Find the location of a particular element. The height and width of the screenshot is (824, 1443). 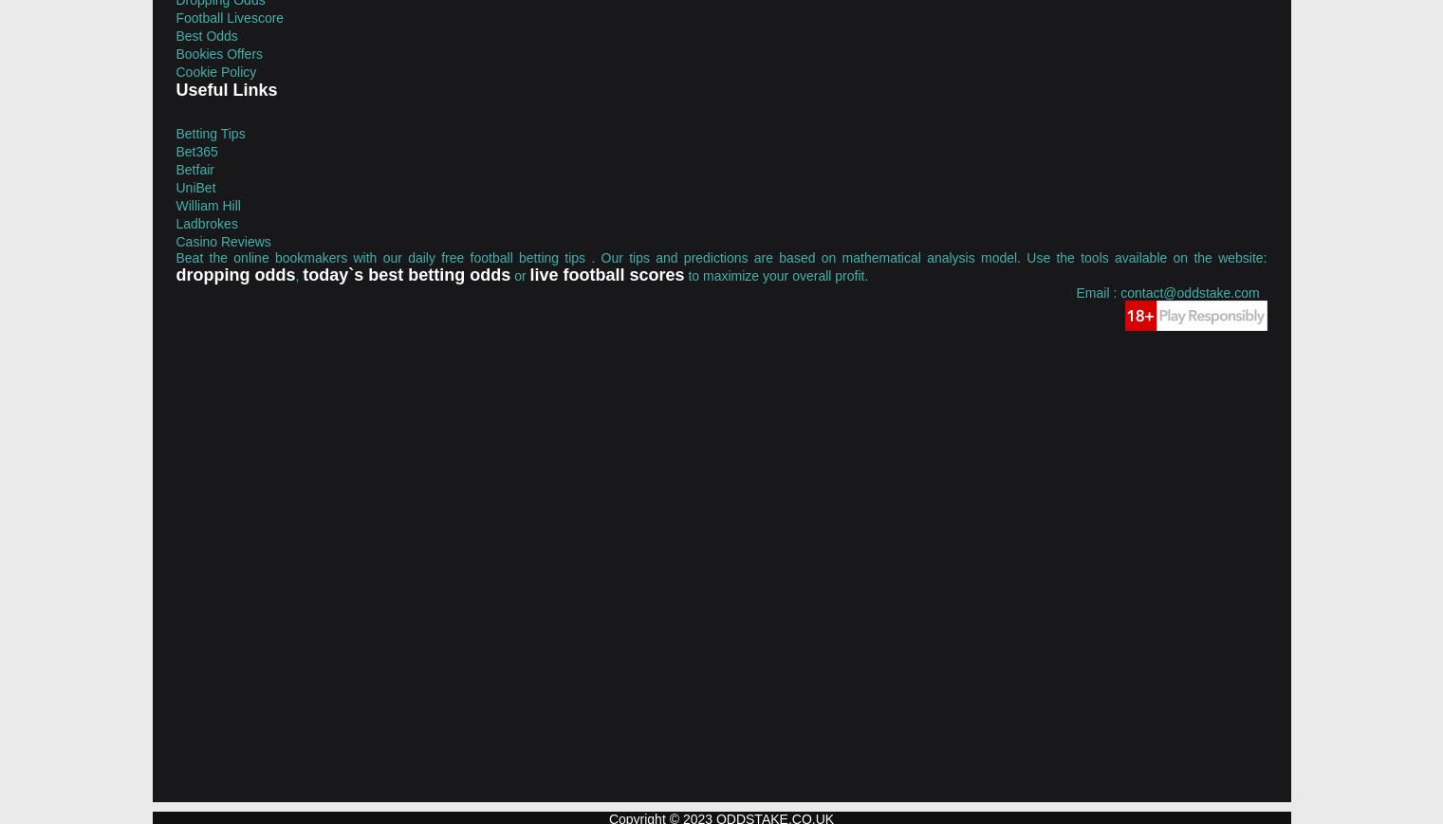

'dropping odds' is located at coordinates (234, 273).